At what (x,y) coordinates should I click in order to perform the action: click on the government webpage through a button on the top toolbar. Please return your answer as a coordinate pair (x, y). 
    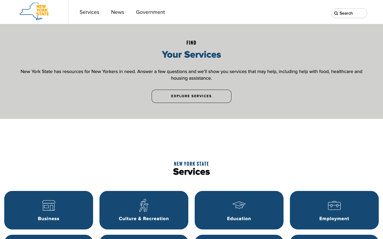
    Looking at the image, I should click on (150, 12).